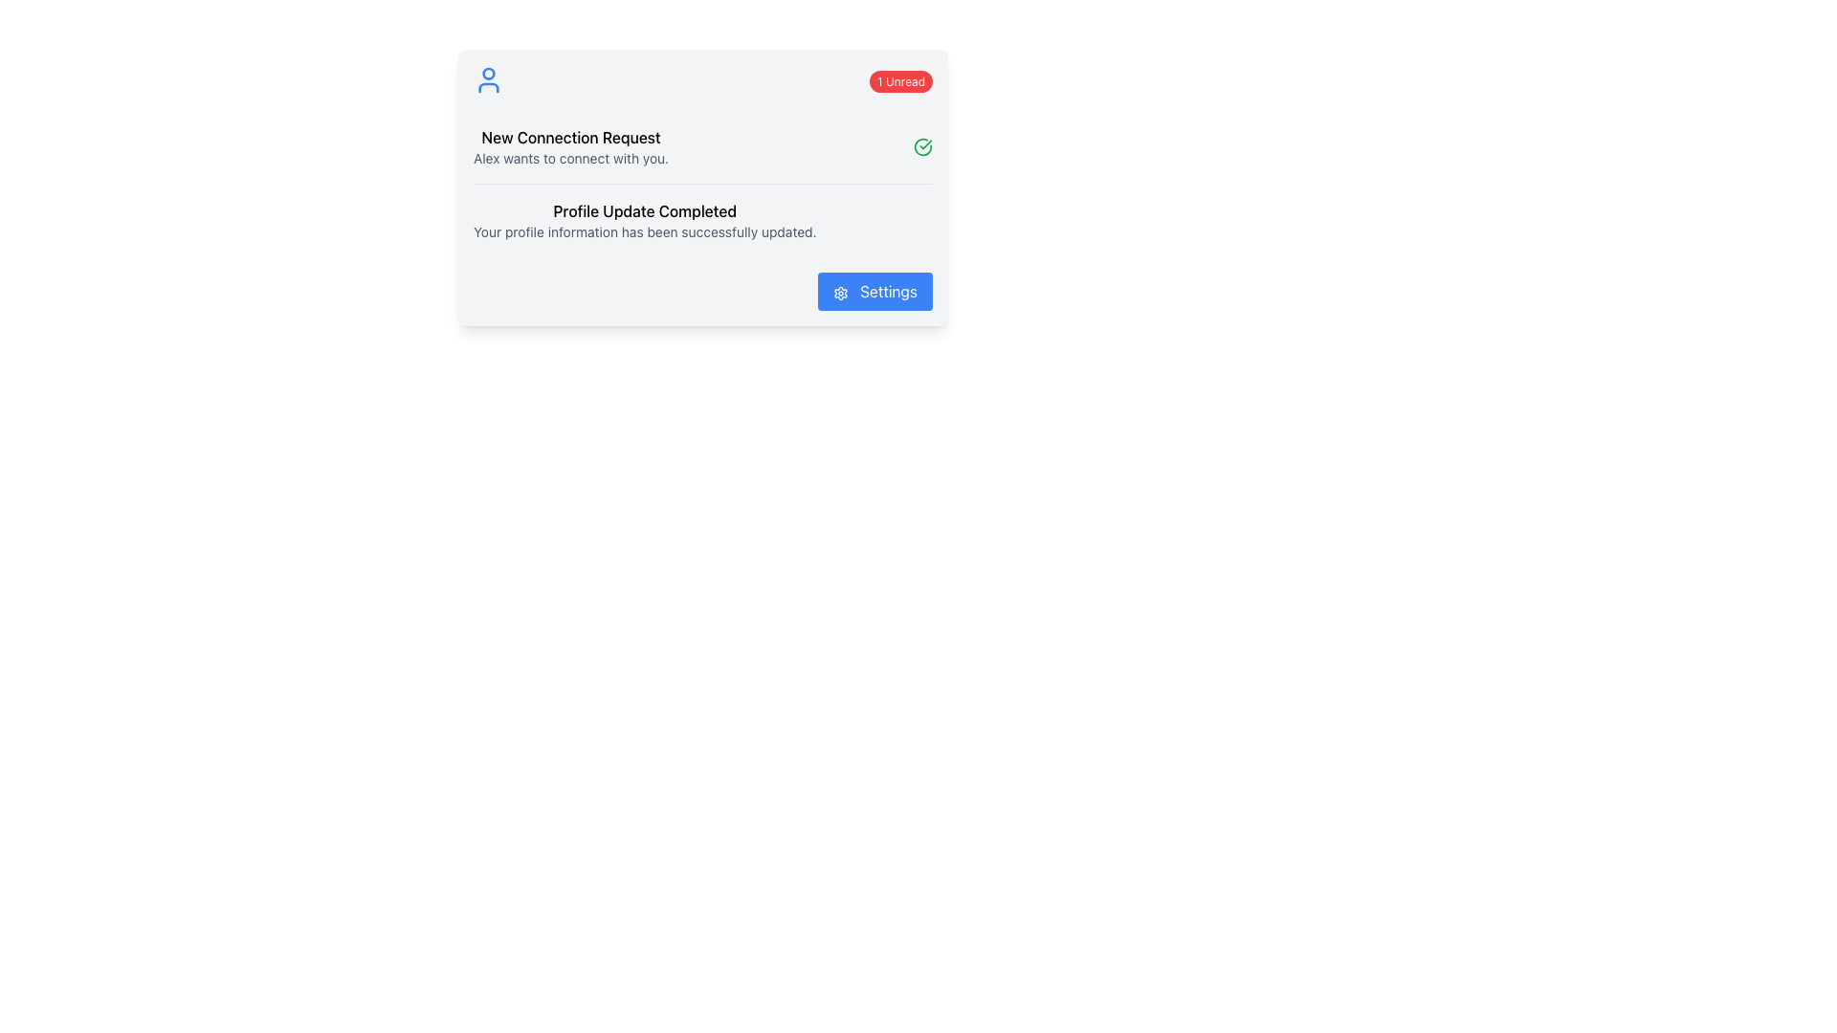 Image resolution: width=1837 pixels, height=1033 pixels. What do you see at coordinates (840, 293) in the screenshot?
I see `the gear-like icon within the 'Settings' button located in the lower right corner of the card interface to potentially view tooltips` at bounding box center [840, 293].